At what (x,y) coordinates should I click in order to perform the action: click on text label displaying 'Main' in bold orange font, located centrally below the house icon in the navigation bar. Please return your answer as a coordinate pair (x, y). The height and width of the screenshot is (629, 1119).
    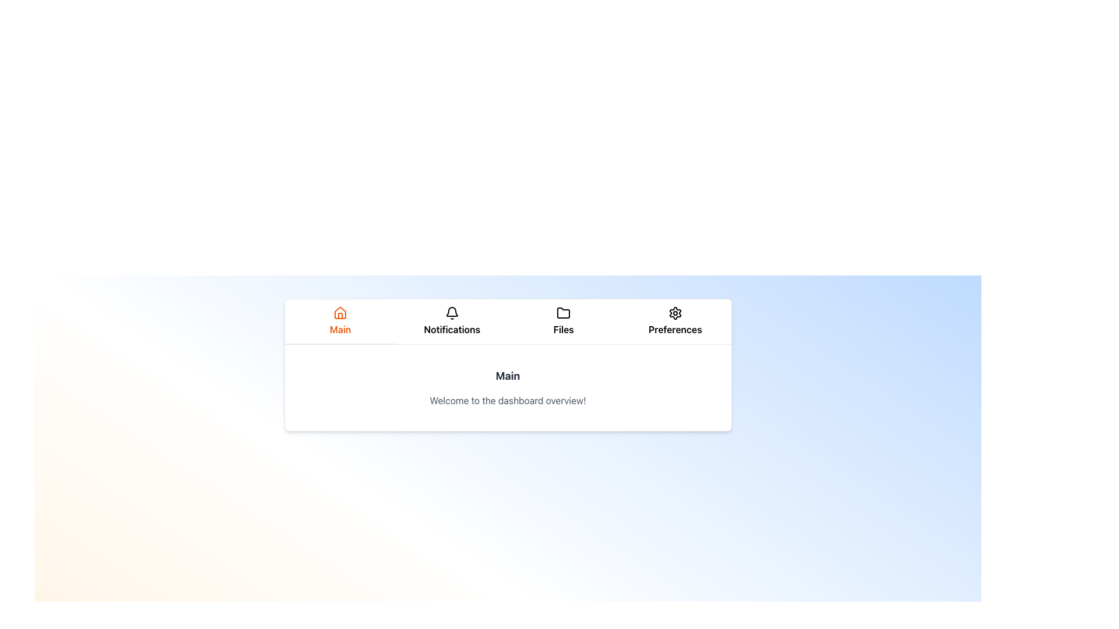
    Looking at the image, I should click on (340, 330).